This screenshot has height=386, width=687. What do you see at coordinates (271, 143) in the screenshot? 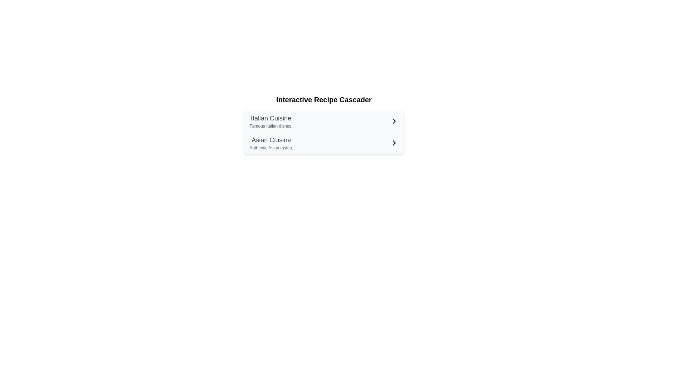
I see `the button in the second row of the menu that represents 'Asian Cuisine'` at bounding box center [271, 143].